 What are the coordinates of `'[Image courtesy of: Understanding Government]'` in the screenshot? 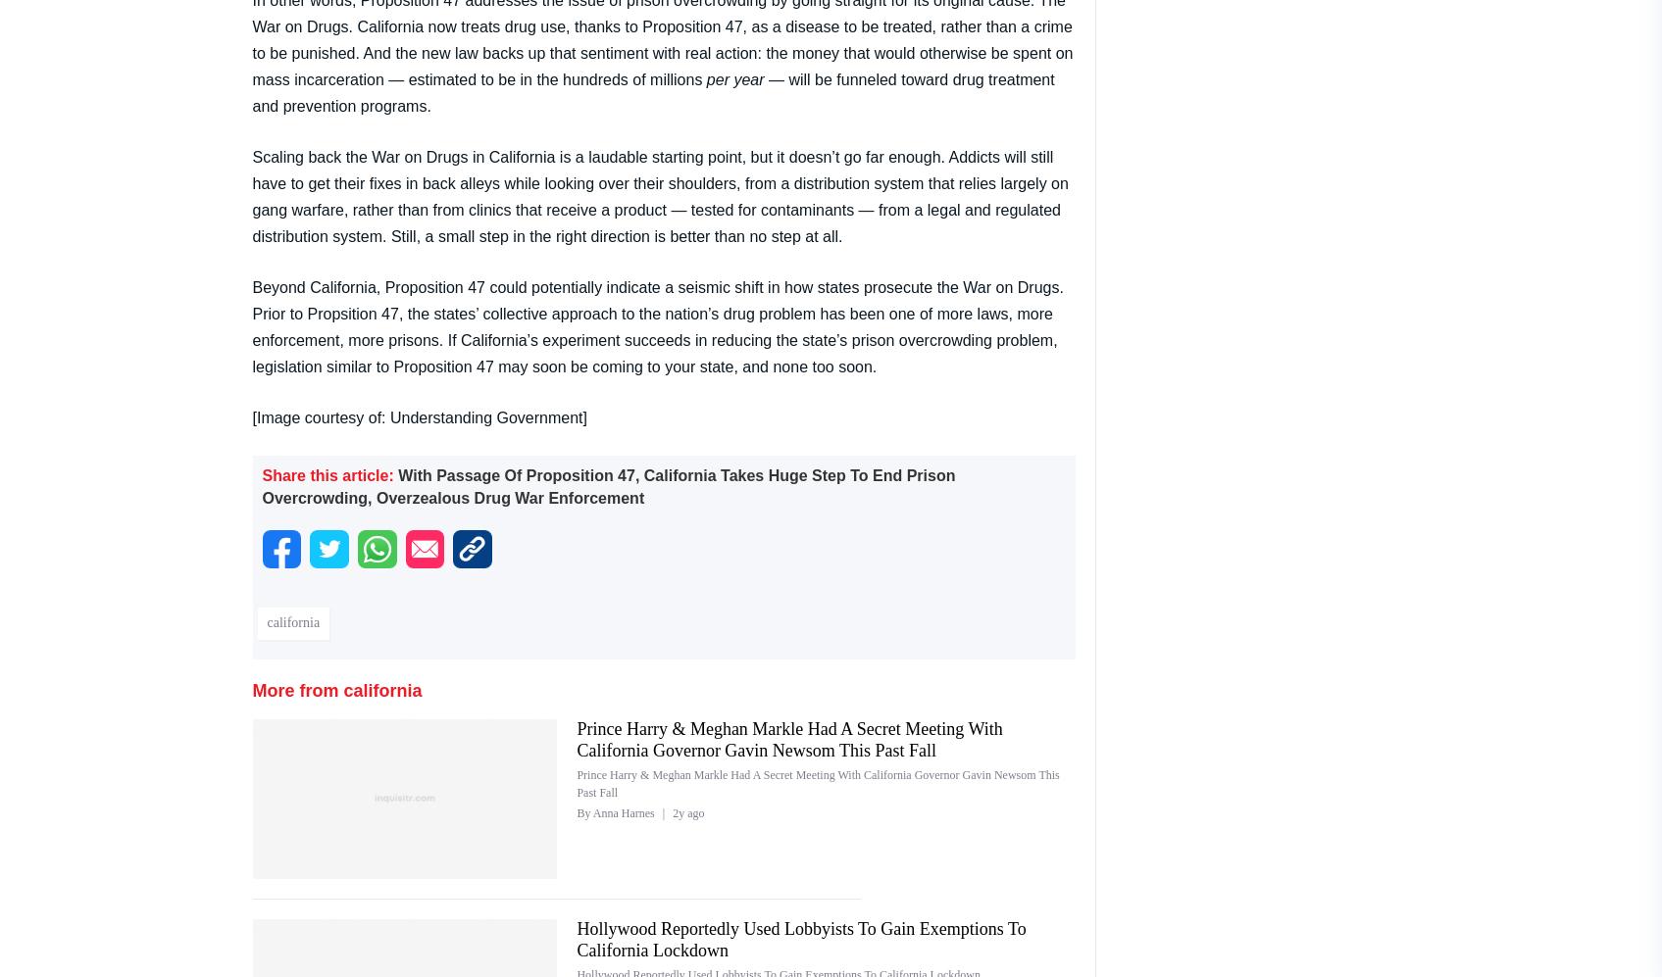 It's located at (419, 415).